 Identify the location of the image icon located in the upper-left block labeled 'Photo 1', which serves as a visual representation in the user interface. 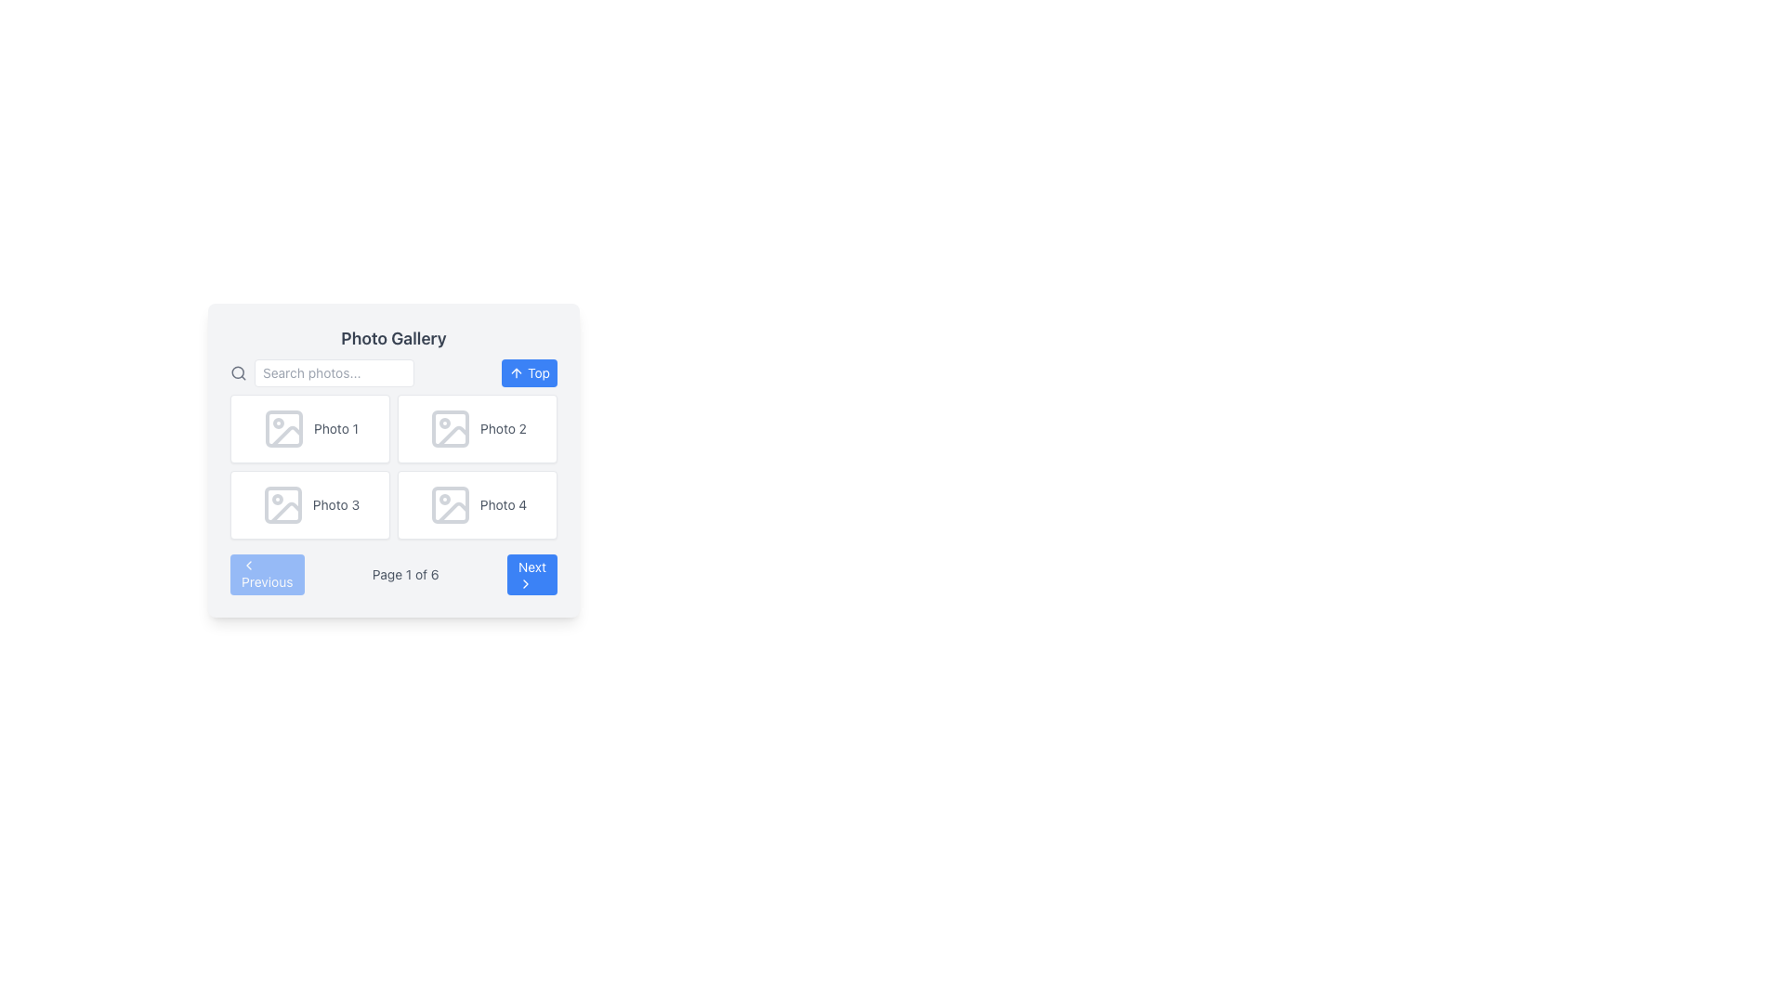
(283, 429).